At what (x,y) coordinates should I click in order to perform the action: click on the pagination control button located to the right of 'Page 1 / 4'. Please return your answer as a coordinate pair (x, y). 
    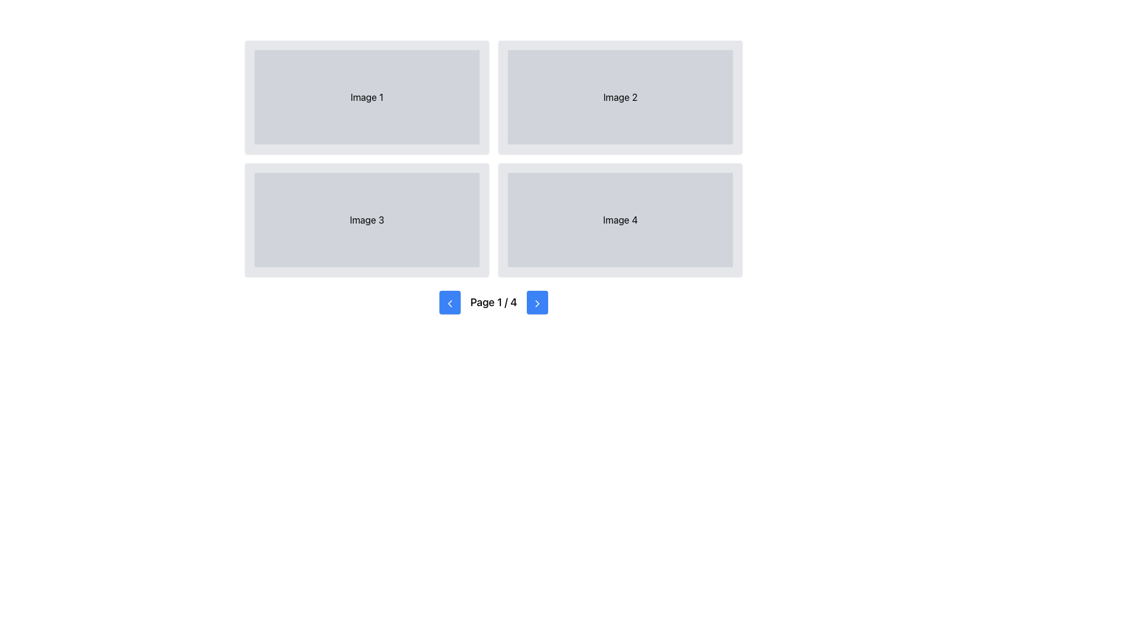
    Looking at the image, I should click on (536, 302).